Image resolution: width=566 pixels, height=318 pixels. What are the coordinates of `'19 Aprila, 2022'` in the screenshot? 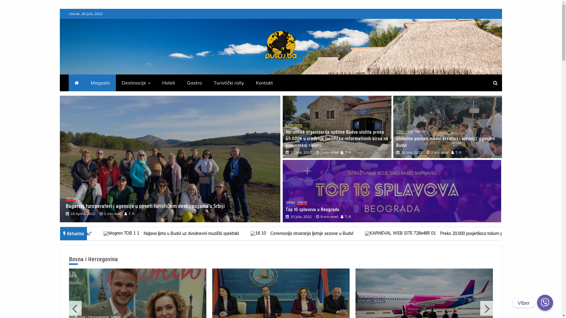 It's located at (82, 213).